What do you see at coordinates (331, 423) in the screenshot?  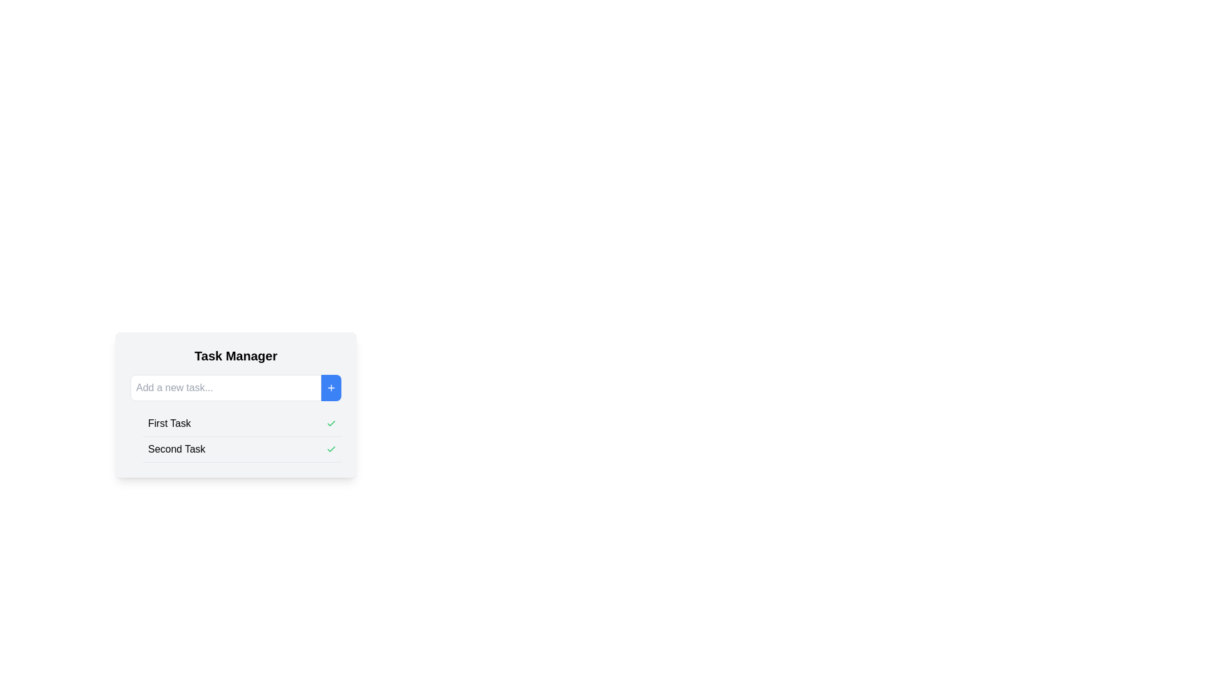 I see `the green checkmark icon` at bounding box center [331, 423].